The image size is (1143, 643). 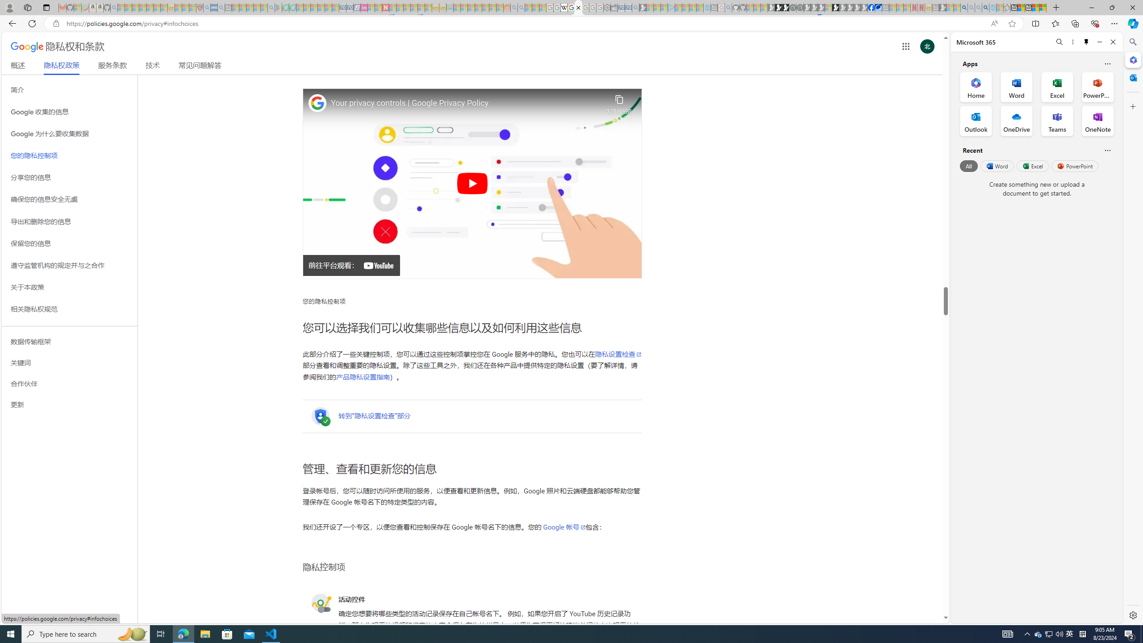 I want to click on 'Nordace | Facebook', so click(x=872, y=7).